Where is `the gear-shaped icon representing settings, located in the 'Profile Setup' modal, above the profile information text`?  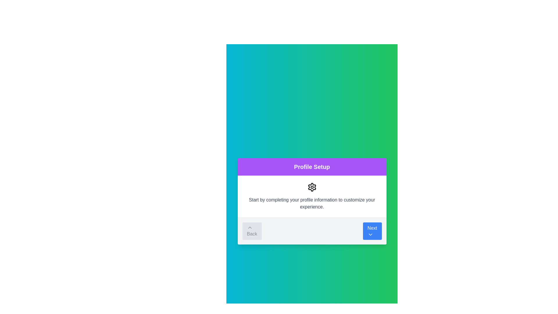
the gear-shaped icon representing settings, located in the 'Profile Setup' modal, above the profile information text is located at coordinates (312, 187).